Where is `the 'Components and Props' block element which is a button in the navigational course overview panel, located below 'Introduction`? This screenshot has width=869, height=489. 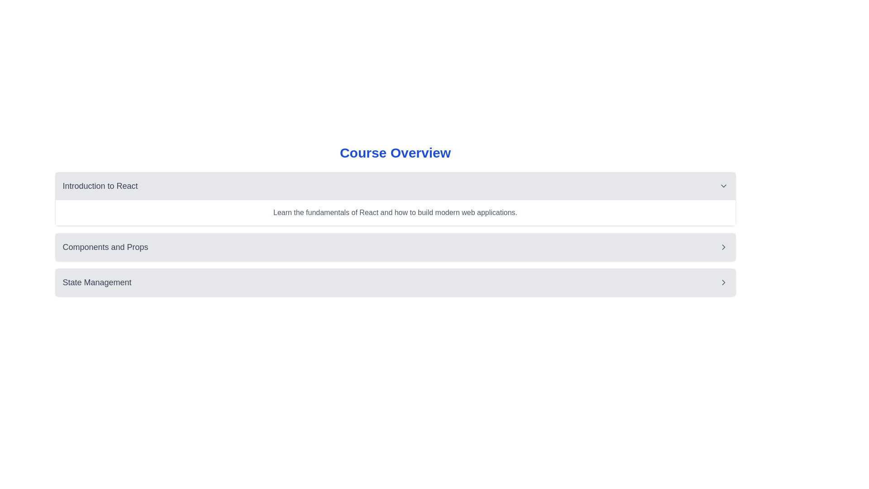
the 'Components and Props' block element which is a button in the navigational course overview panel, located below 'Introduction is located at coordinates (395, 247).